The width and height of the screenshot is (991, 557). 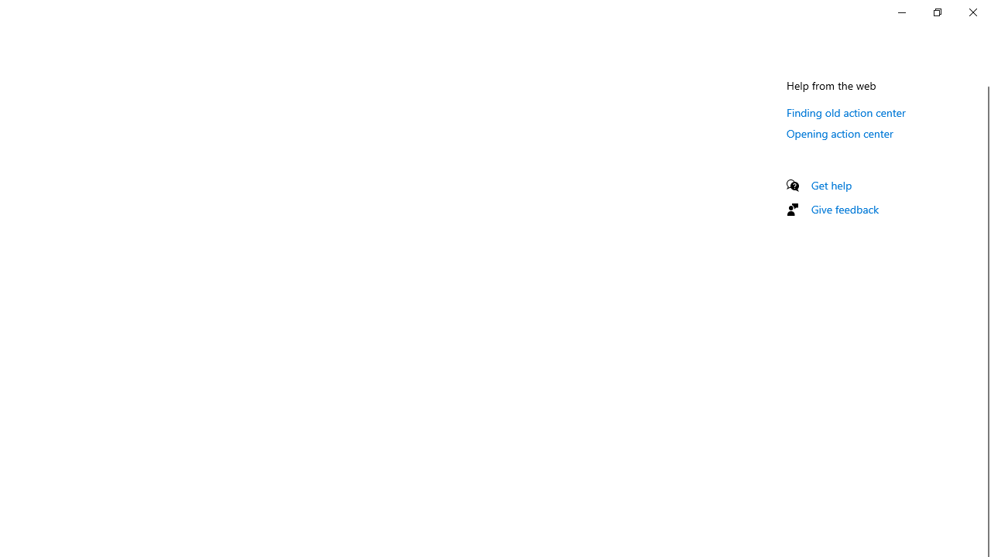 What do you see at coordinates (845, 111) in the screenshot?
I see `'Finding old action center'` at bounding box center [845, 111].